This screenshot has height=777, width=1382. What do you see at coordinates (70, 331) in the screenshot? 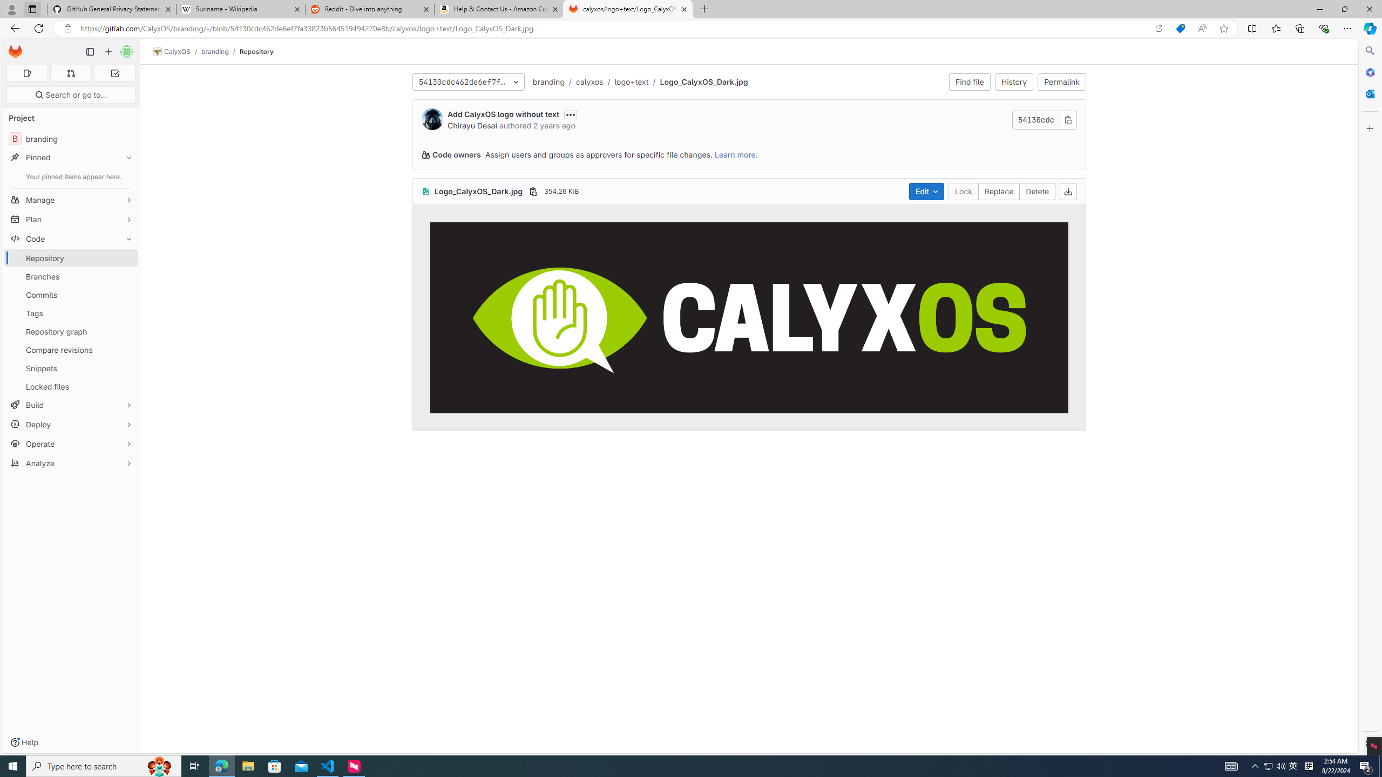
I see `'Repository graph'` at bounding box center [70, 331].